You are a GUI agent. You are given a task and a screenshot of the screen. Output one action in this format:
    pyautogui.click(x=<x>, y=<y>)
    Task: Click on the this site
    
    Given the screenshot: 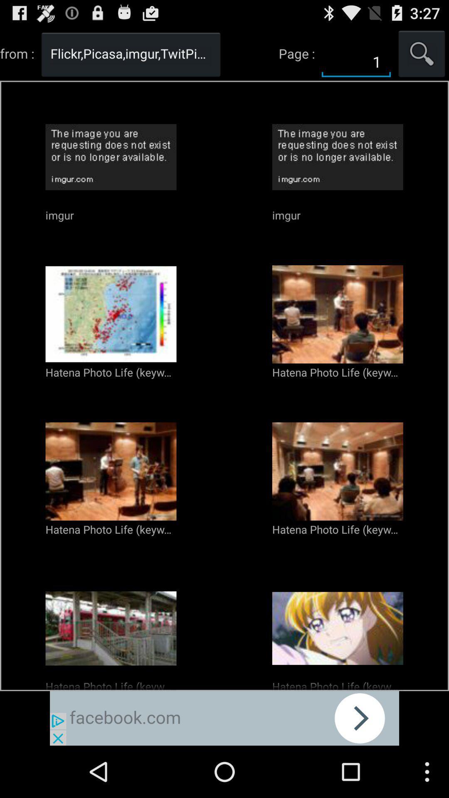 What is the action you would take?
    pyautogui.click(x=224, y=718)
    